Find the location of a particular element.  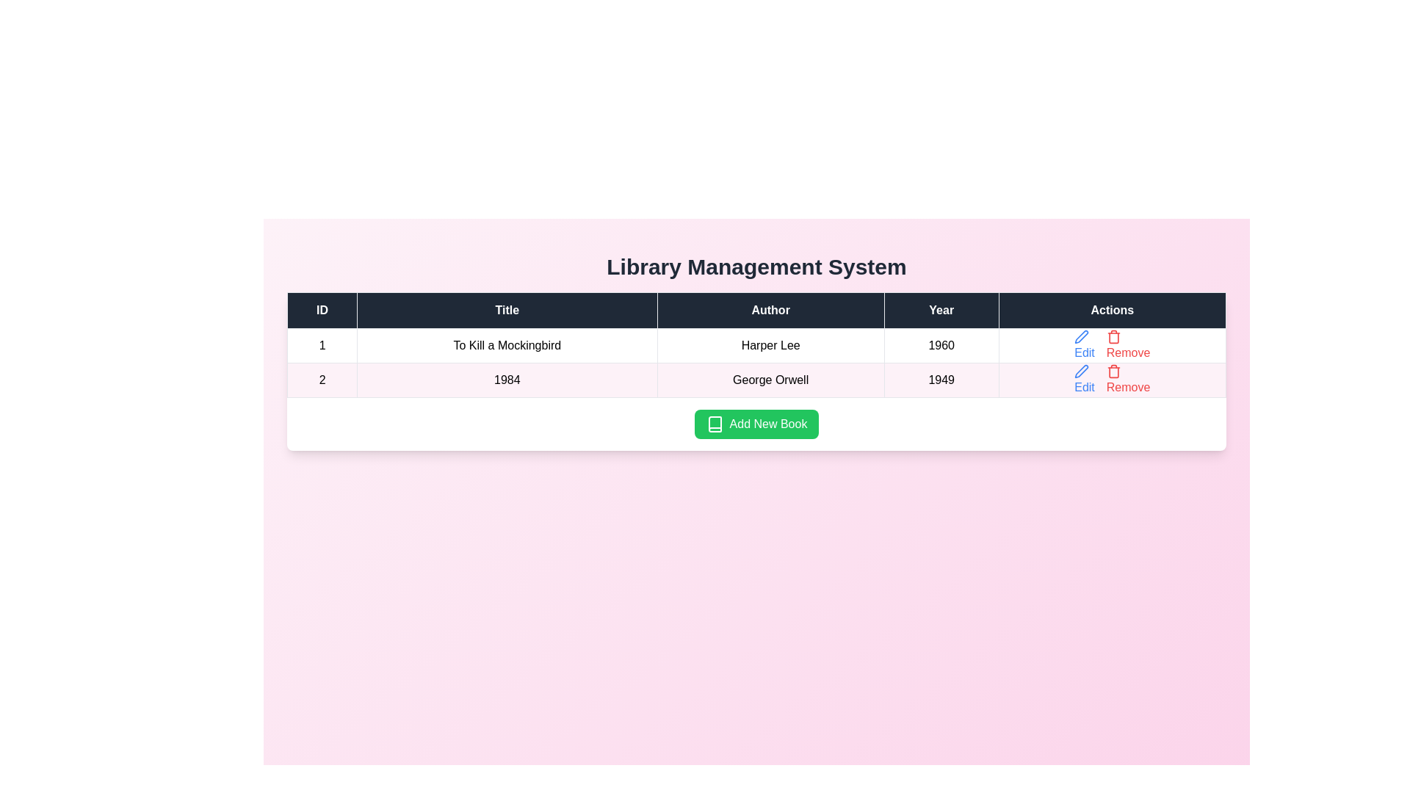

the non-interactive Text Display that shows the author of the book '1984' in the second row of the data table is located at coordinates (770, 379).